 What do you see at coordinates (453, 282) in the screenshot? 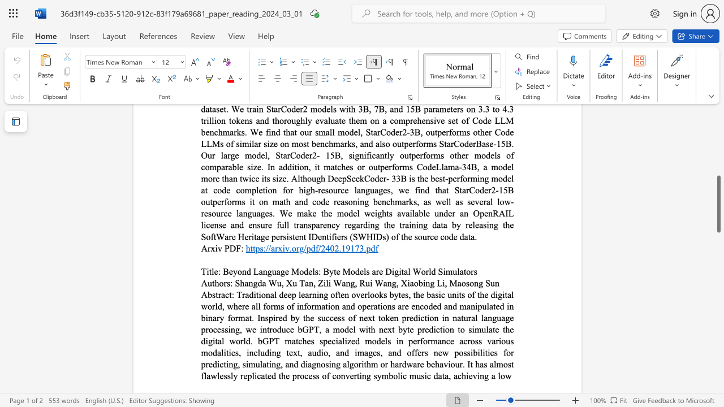
I see `the 1th character "M" in the text` at bounding box center [453, 282].